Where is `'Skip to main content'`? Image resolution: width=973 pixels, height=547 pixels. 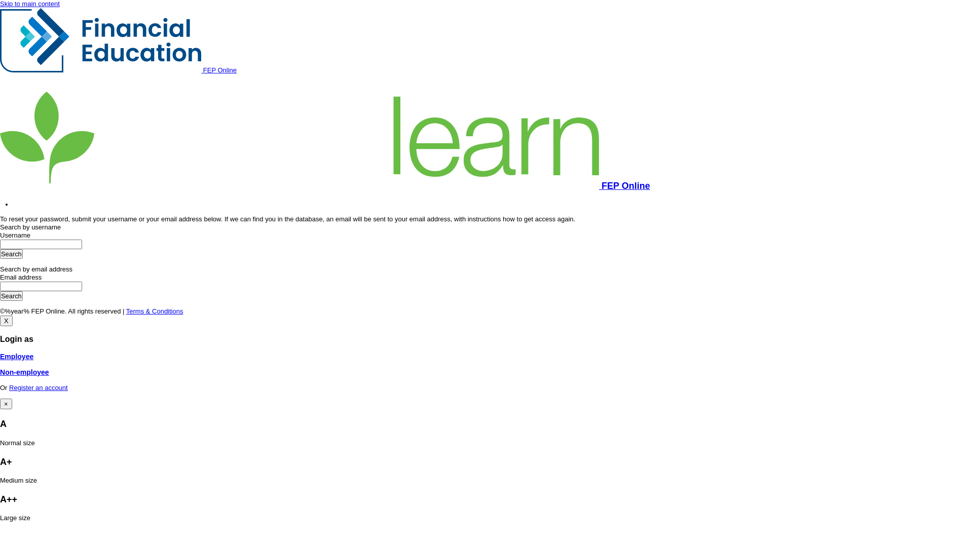
'Skip to main content' is located at coordinates (29, 4).